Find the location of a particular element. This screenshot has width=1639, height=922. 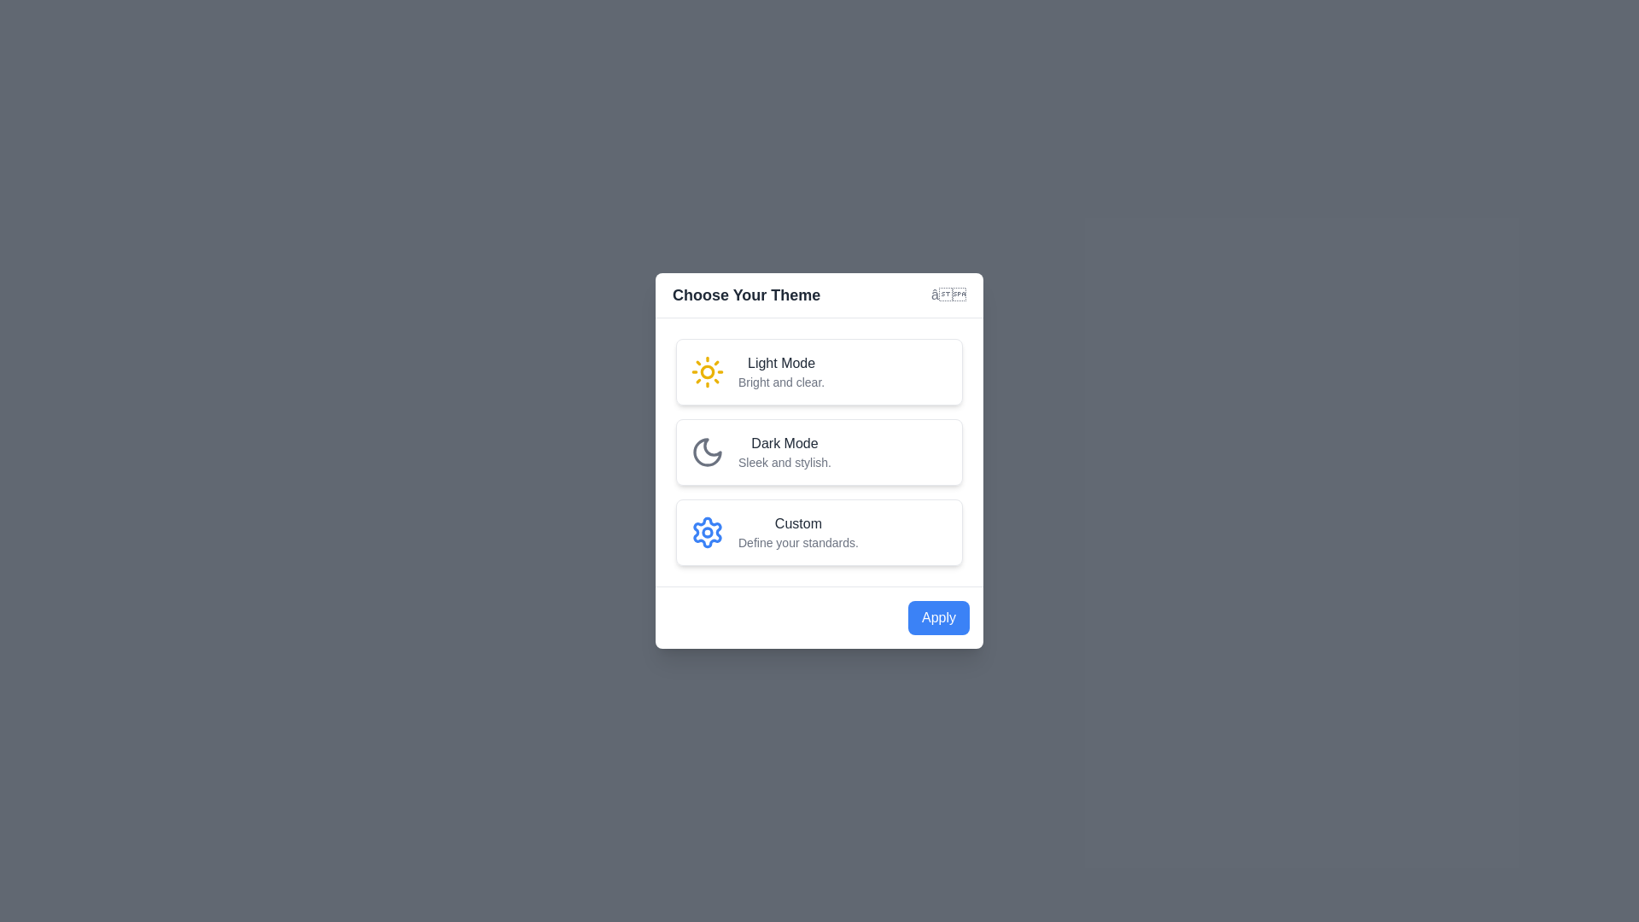

the theme Dark Mode to visually inspect its icon is located at coordinates (819, 451).